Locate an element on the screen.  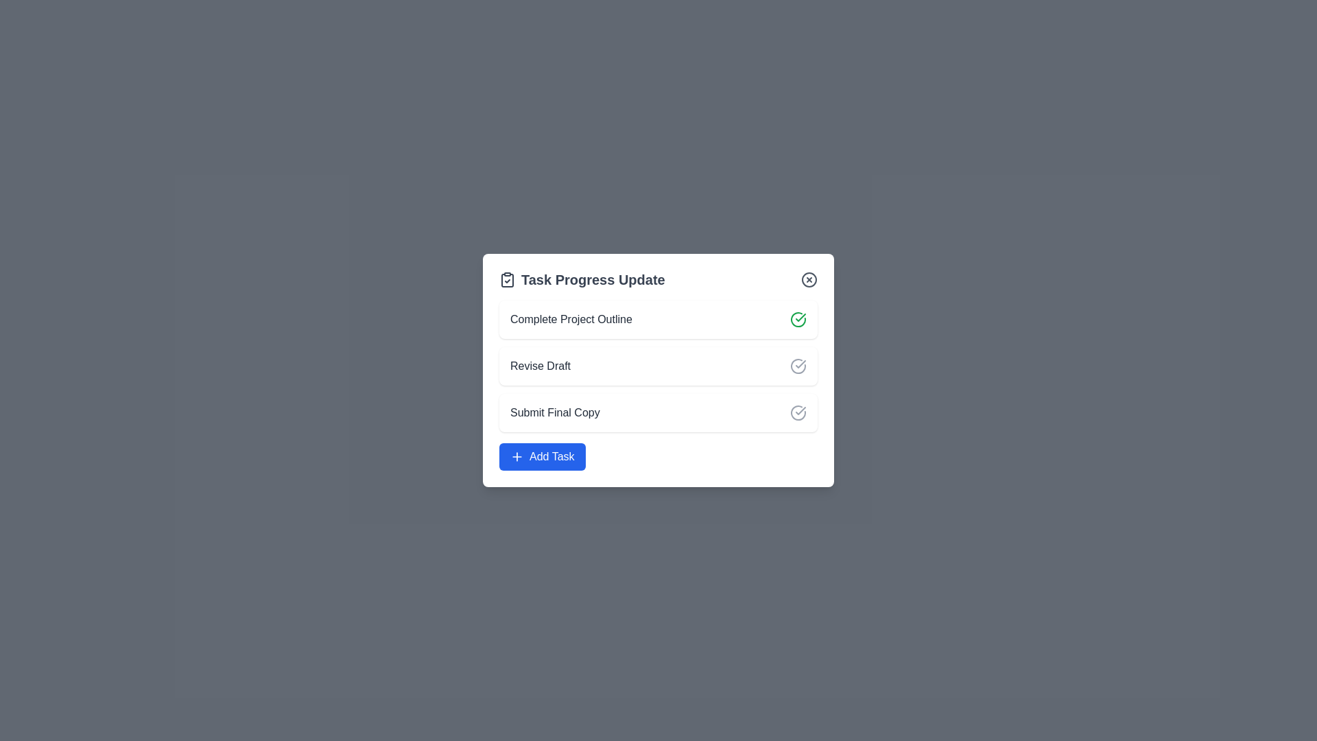
the clipboard with checkmark icon located in the header of the 'Task Progress Update' card, positioned at the far-left end of the text is located at coordinates (506, 279).